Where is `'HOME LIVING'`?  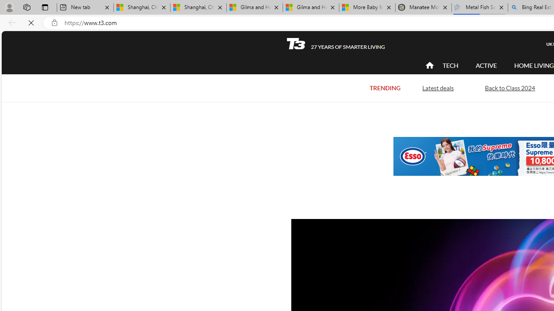
'HOME LIVING' is located at coordinates (533, 65).